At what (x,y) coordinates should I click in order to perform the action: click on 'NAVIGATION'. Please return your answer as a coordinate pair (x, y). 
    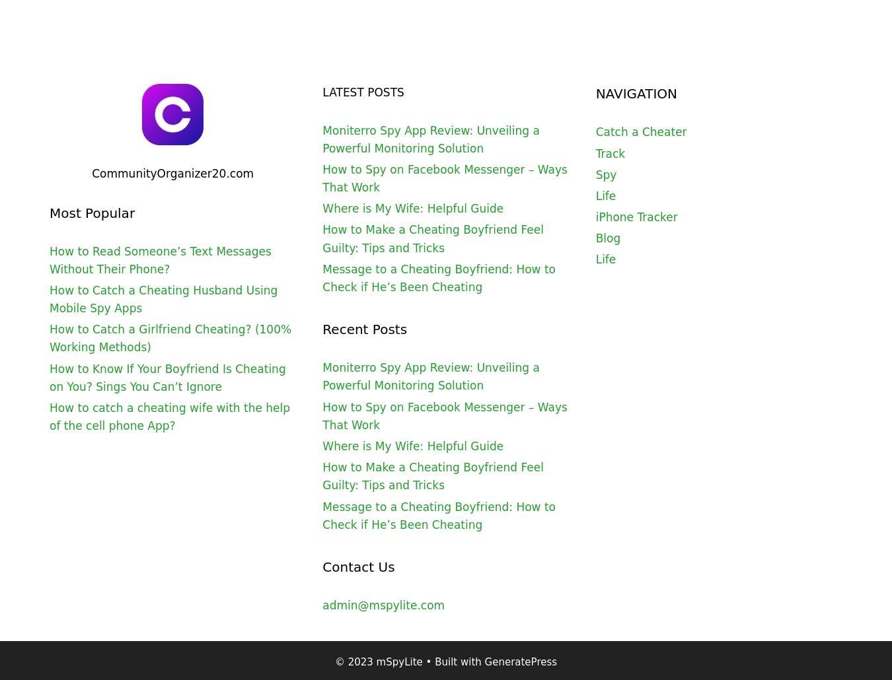
    Looking at the image, I should click on (635, 93).